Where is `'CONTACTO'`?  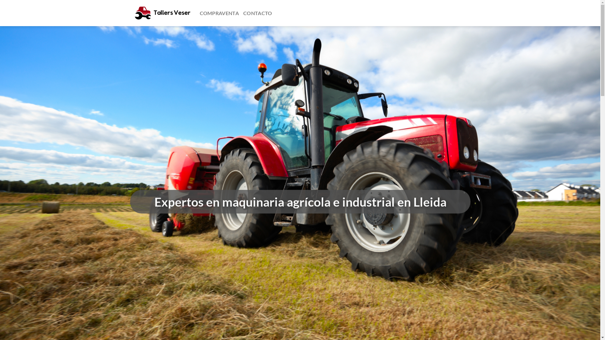 'CONTACTO' is located at coordinates (243, 13).